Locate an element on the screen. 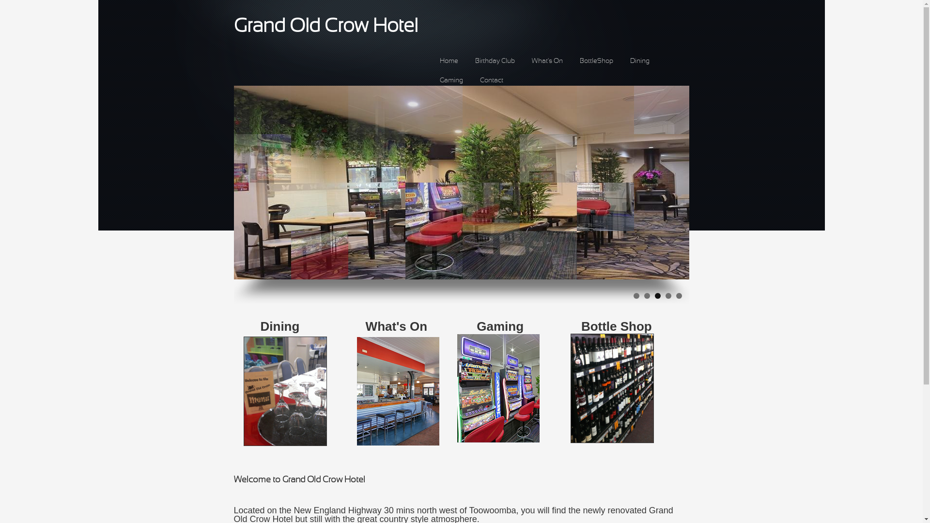  'What's On' is located at coordinates (547, 62).